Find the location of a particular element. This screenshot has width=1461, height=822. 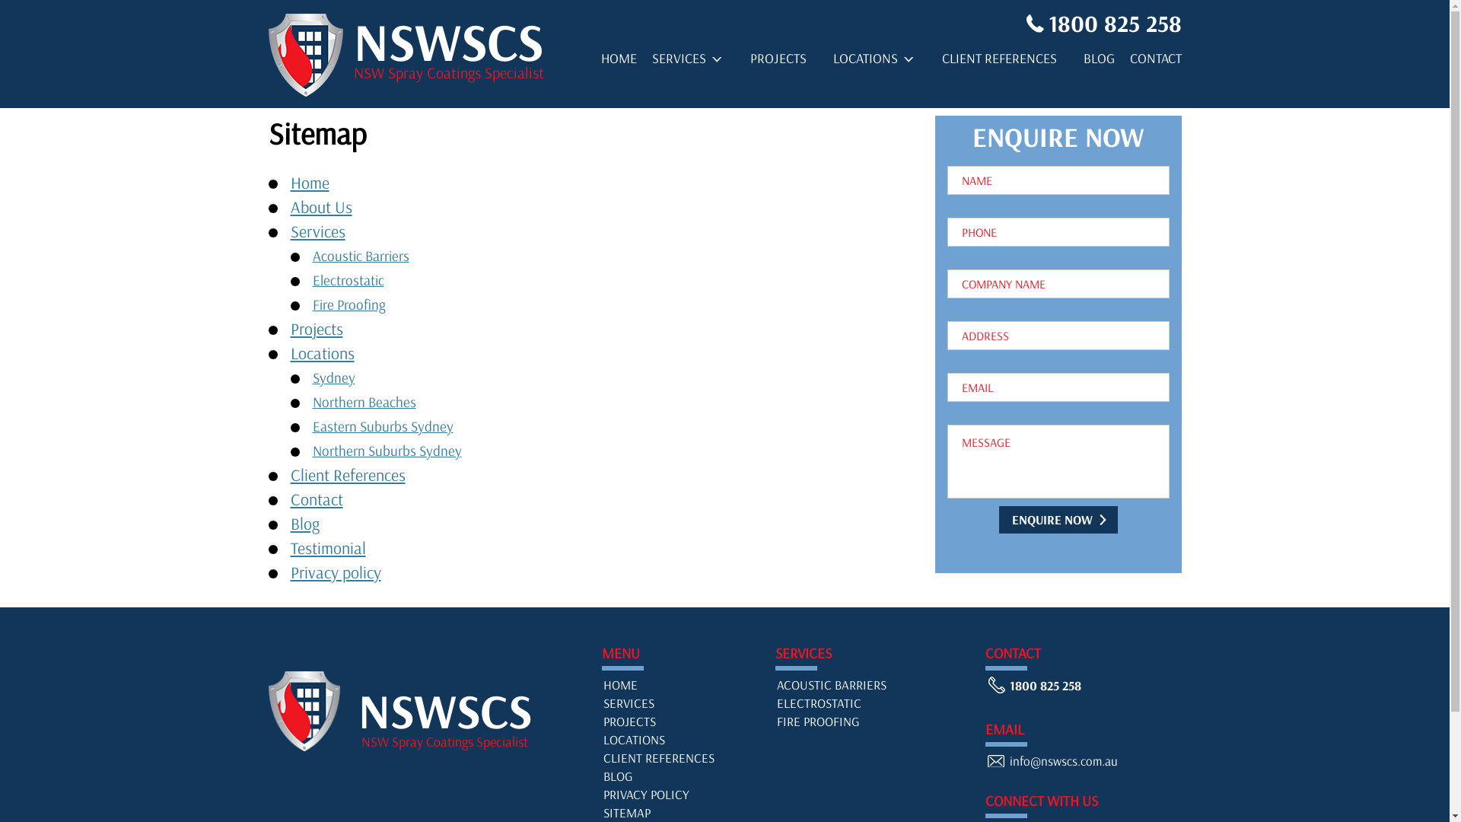

'NSWSCS is located at coordinates (408, 55).